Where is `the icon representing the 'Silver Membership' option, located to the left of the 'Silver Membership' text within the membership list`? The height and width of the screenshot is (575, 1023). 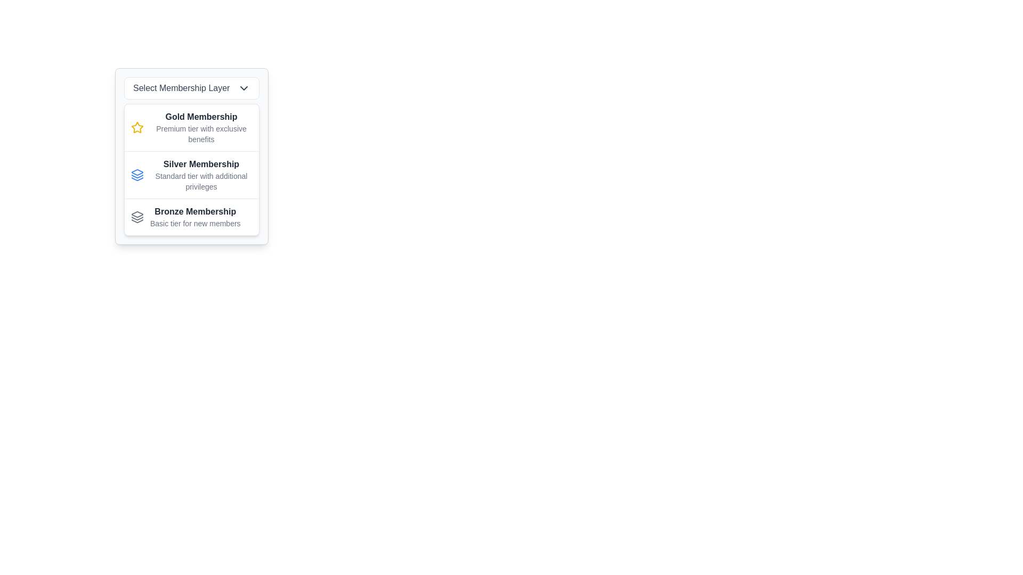 the icon representing the 'Silver Membership' option, located to the left of the 'Silver Membership' text within the membership list is located at coordinates (137, 174).